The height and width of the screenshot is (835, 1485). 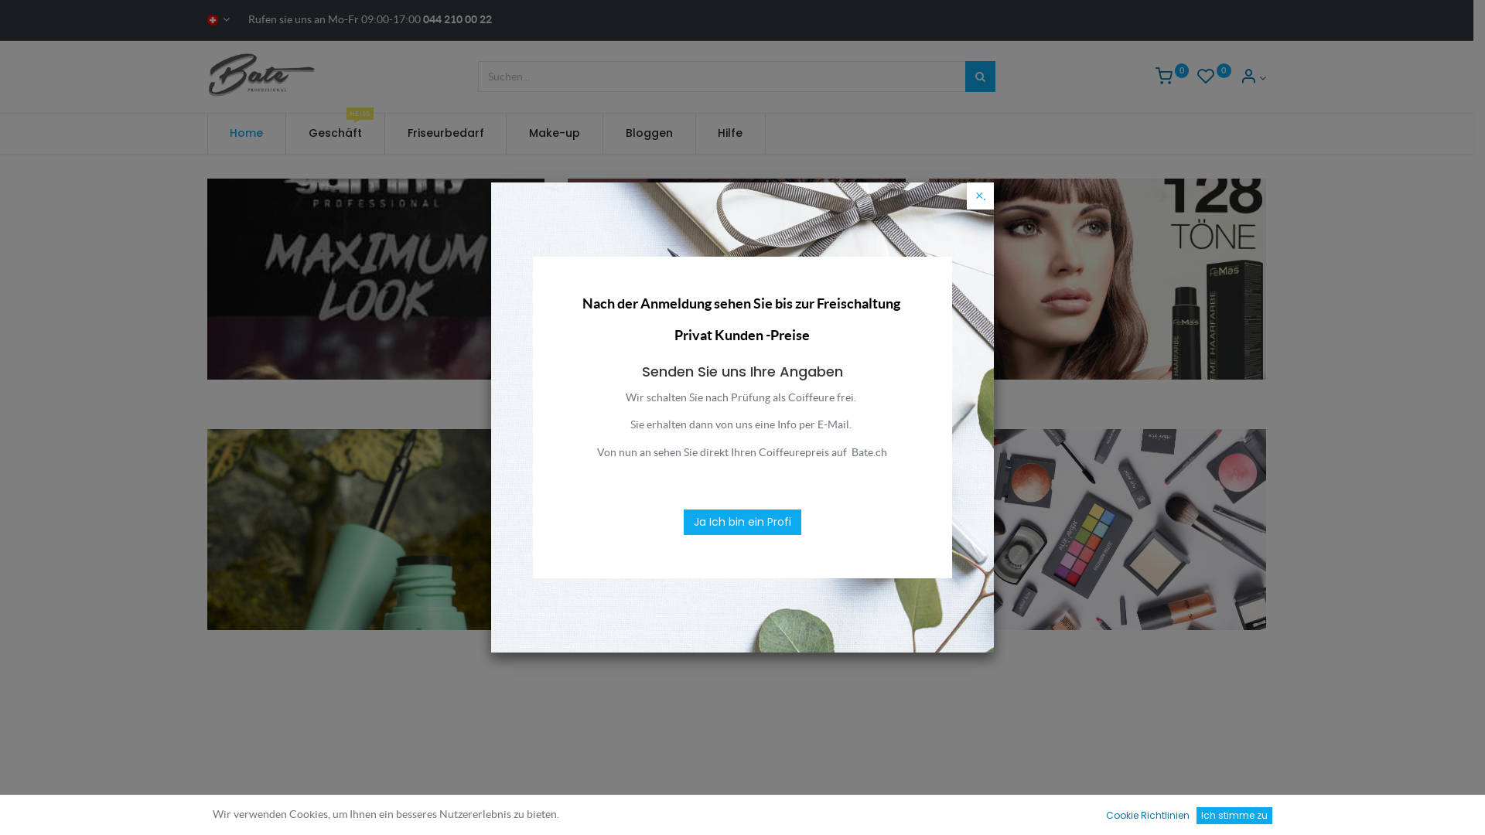 What do you see at coordinates (730, 133) in the screenshot?
I see `'Hilfe'` at bounding box center [730, 133].